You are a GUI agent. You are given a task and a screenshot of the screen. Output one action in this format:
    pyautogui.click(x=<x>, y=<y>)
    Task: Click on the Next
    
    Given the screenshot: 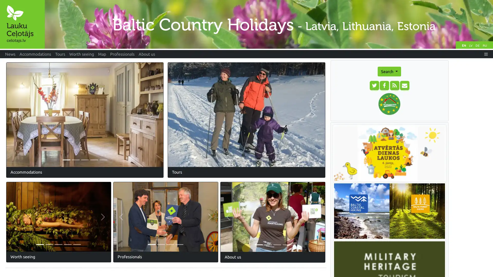 What is the action you would take?
    pyautogui.click(x=103, y=217)
    